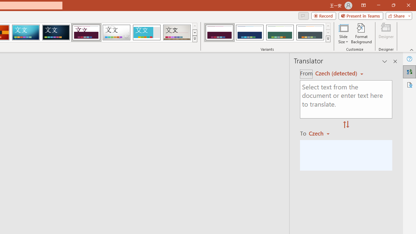 The image size is (416, 234). I want to click on 'Damask', so click(56, 32).